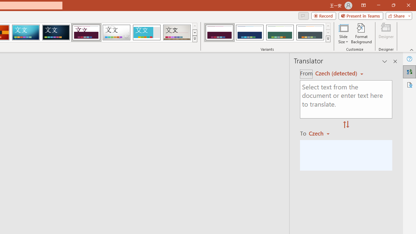 The image size is (416, 234). I want to click on 'Damask', so click(56, 32).